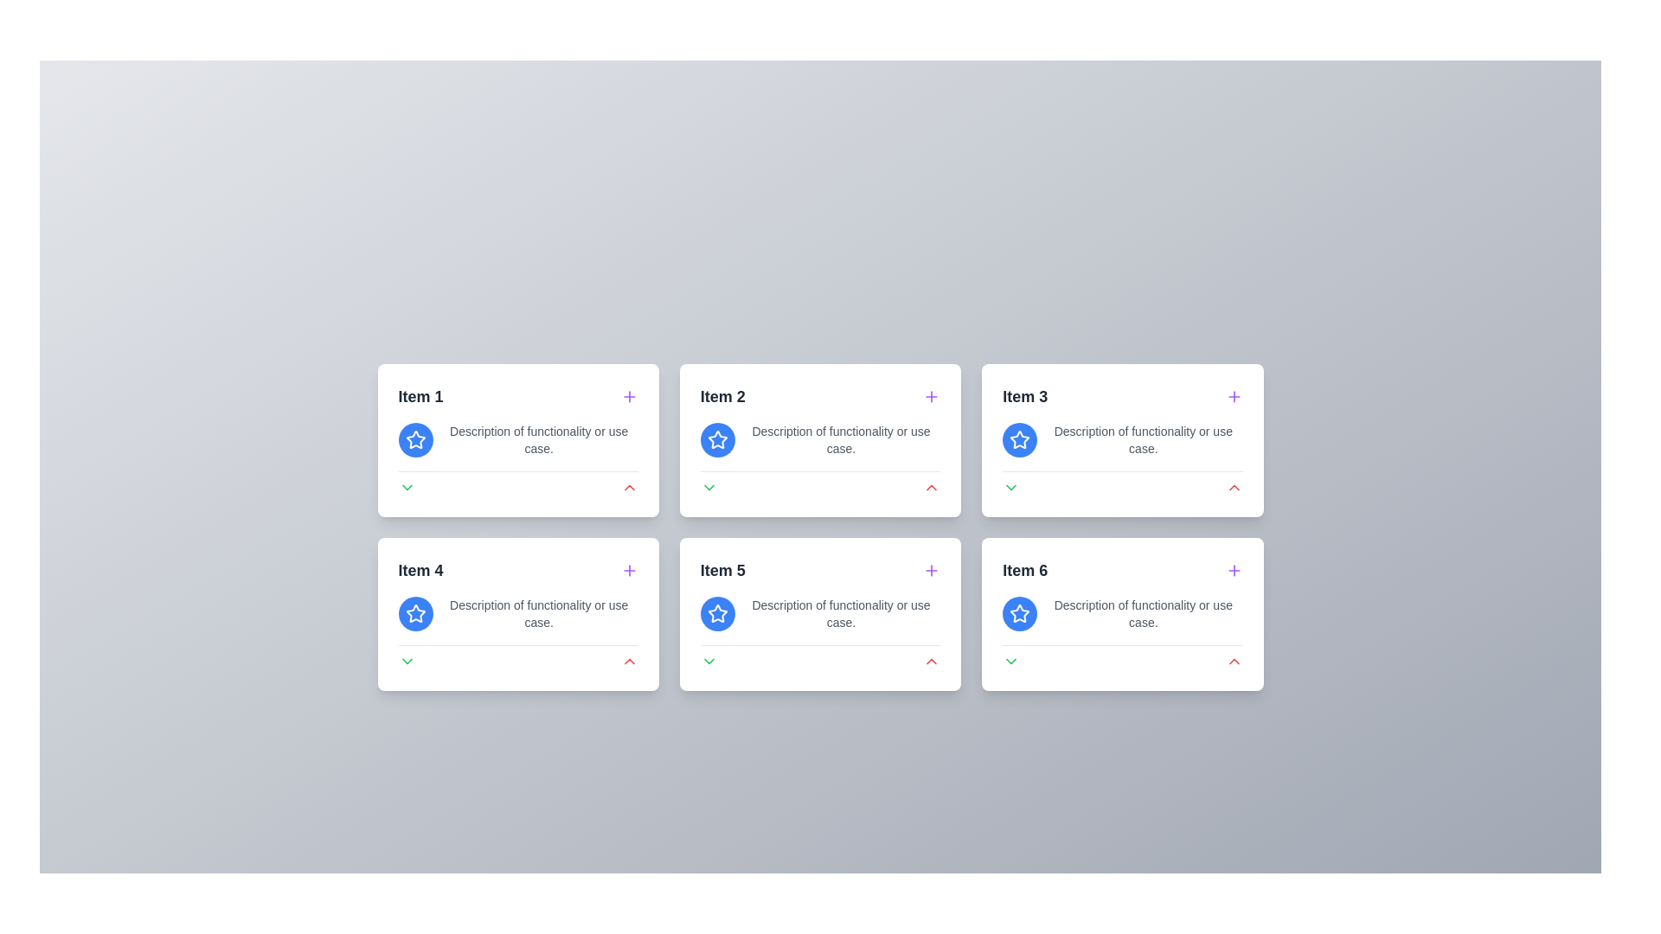 The height and width of the screenshot is (934, 1661). What do you see at coordinates (717, 439) in the screenshot?
I see `the star-shaped icon with a blue background and white interior located` at bounding box center [717, 439].